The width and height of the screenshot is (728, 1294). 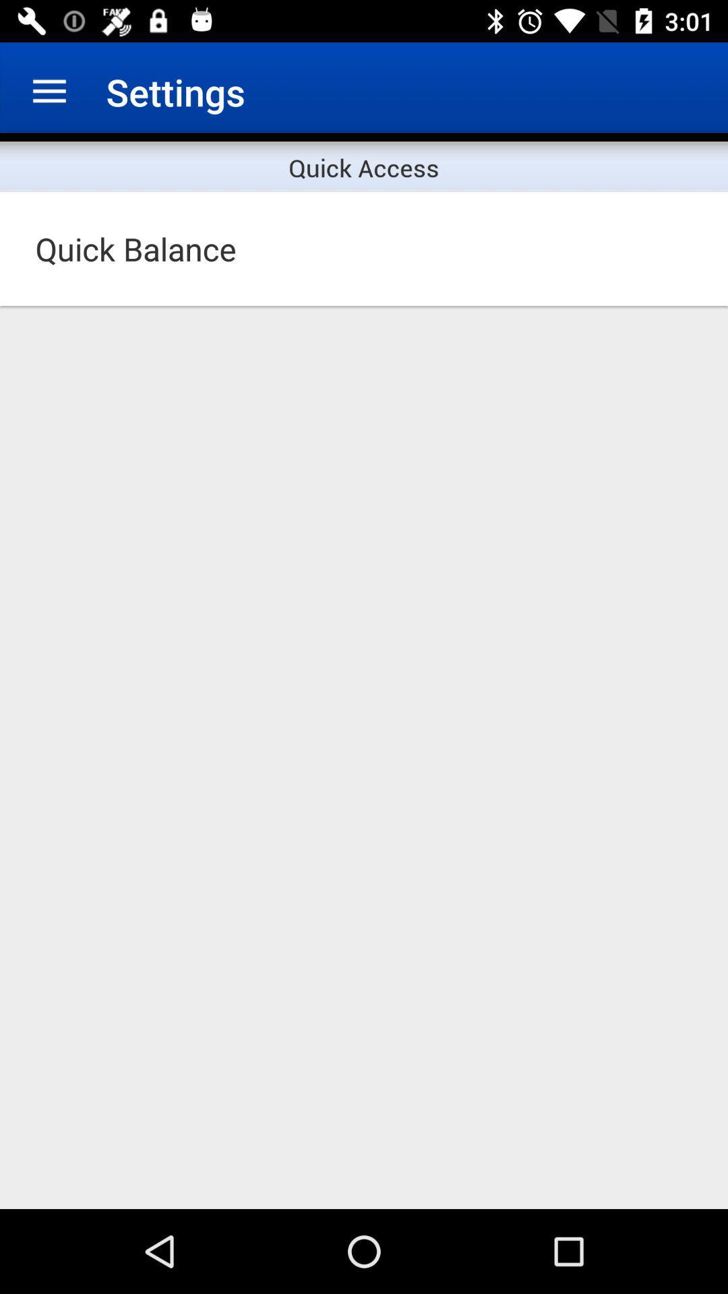 I want to click on the icon next to the settings item, so click(x=49, y=91).